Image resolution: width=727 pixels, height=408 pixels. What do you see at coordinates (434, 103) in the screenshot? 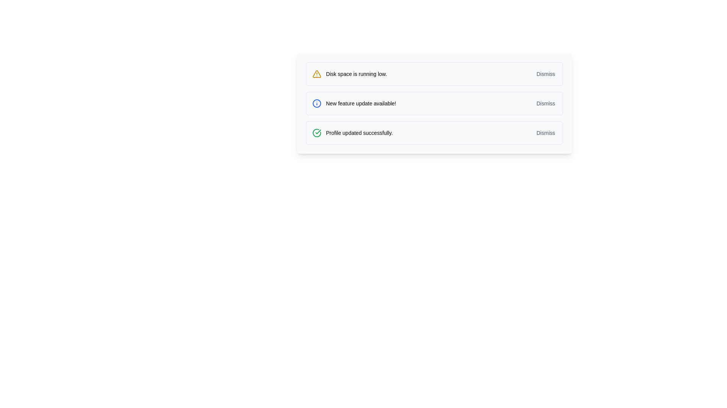
I see `the notification bar, which is the second item in the vertical stack, featuring a blue border and background, with a dismiss button` at bounding box center [434, 103].